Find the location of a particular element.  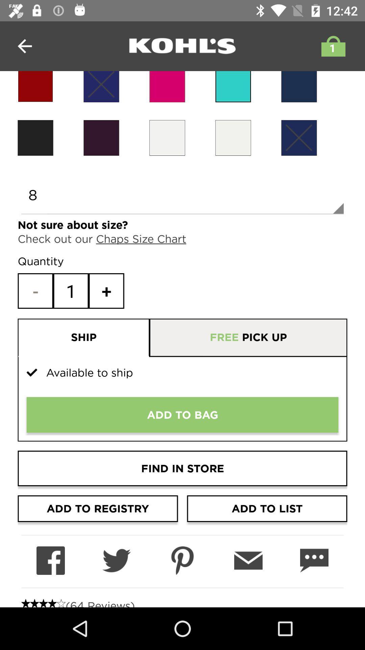

the facebook icon is located at coordinates (50, 561).